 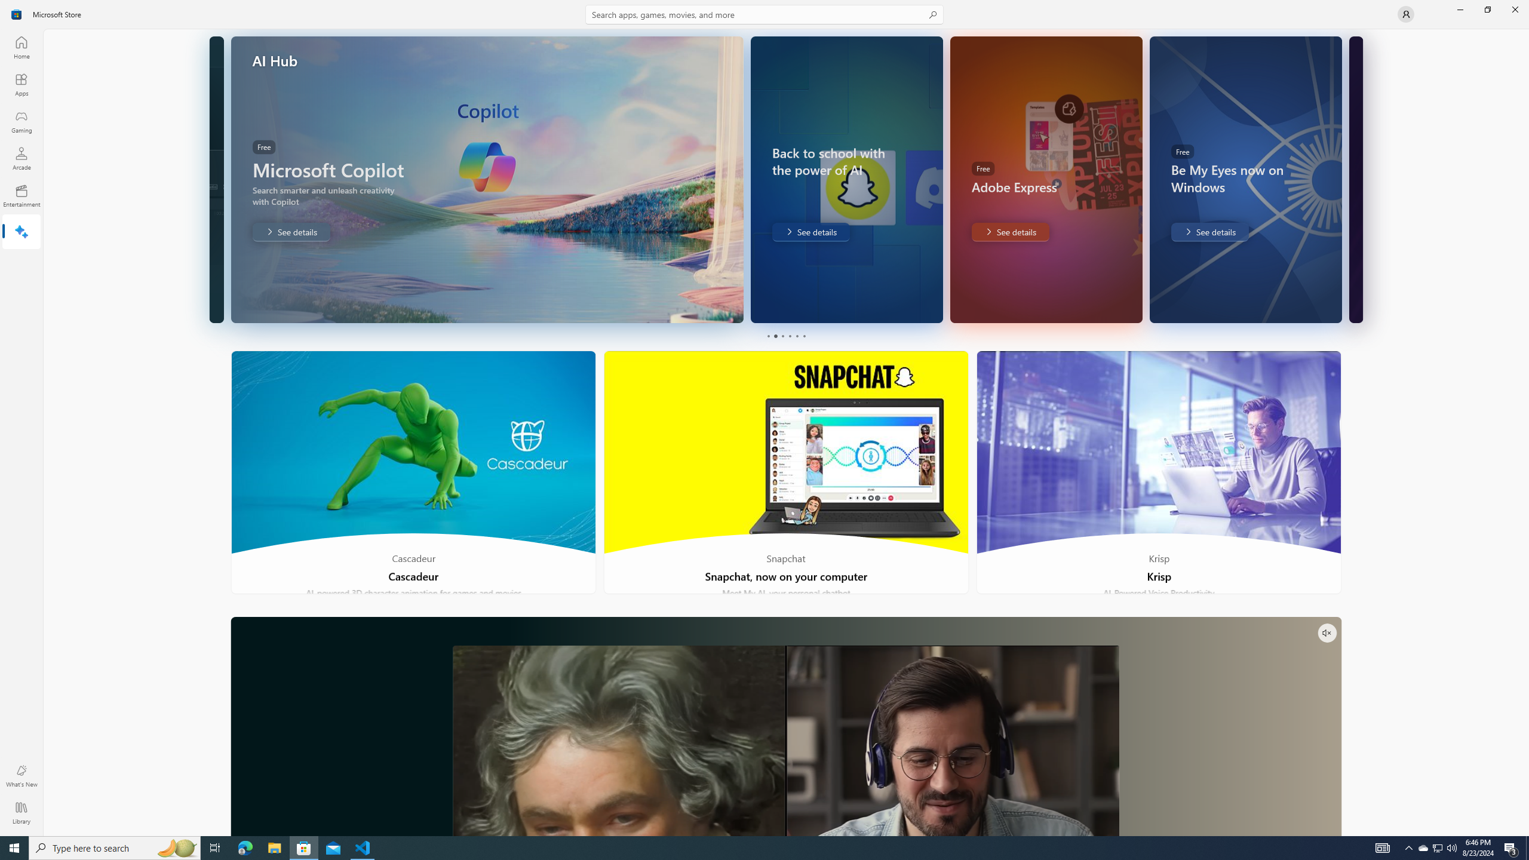 What do you see at coordinates (785, 726) in the screenshot?
I see `'Become anyone on Zoom, Twitch, or any streaming video'` at bounding box center [785, 726].